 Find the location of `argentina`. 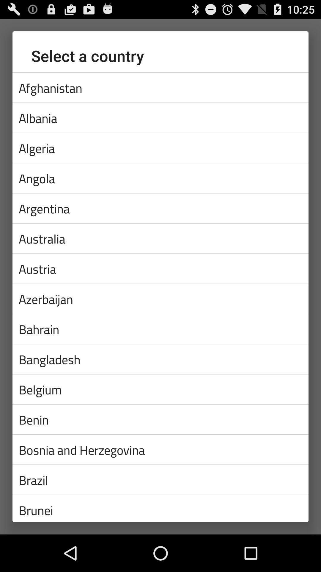

argentina is located at coordinates (160, 208).